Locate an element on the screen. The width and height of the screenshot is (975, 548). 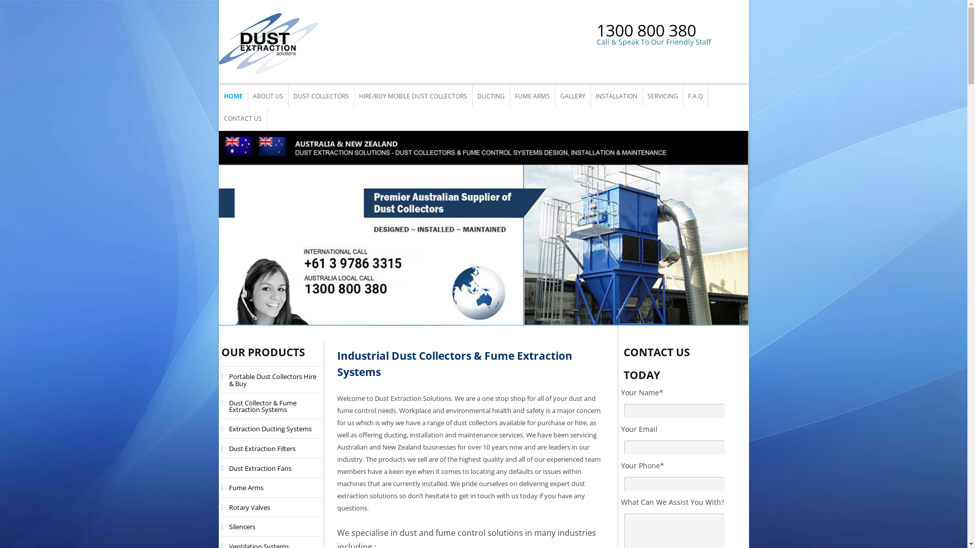
'Silencers' is located at coordinates (223, 526).